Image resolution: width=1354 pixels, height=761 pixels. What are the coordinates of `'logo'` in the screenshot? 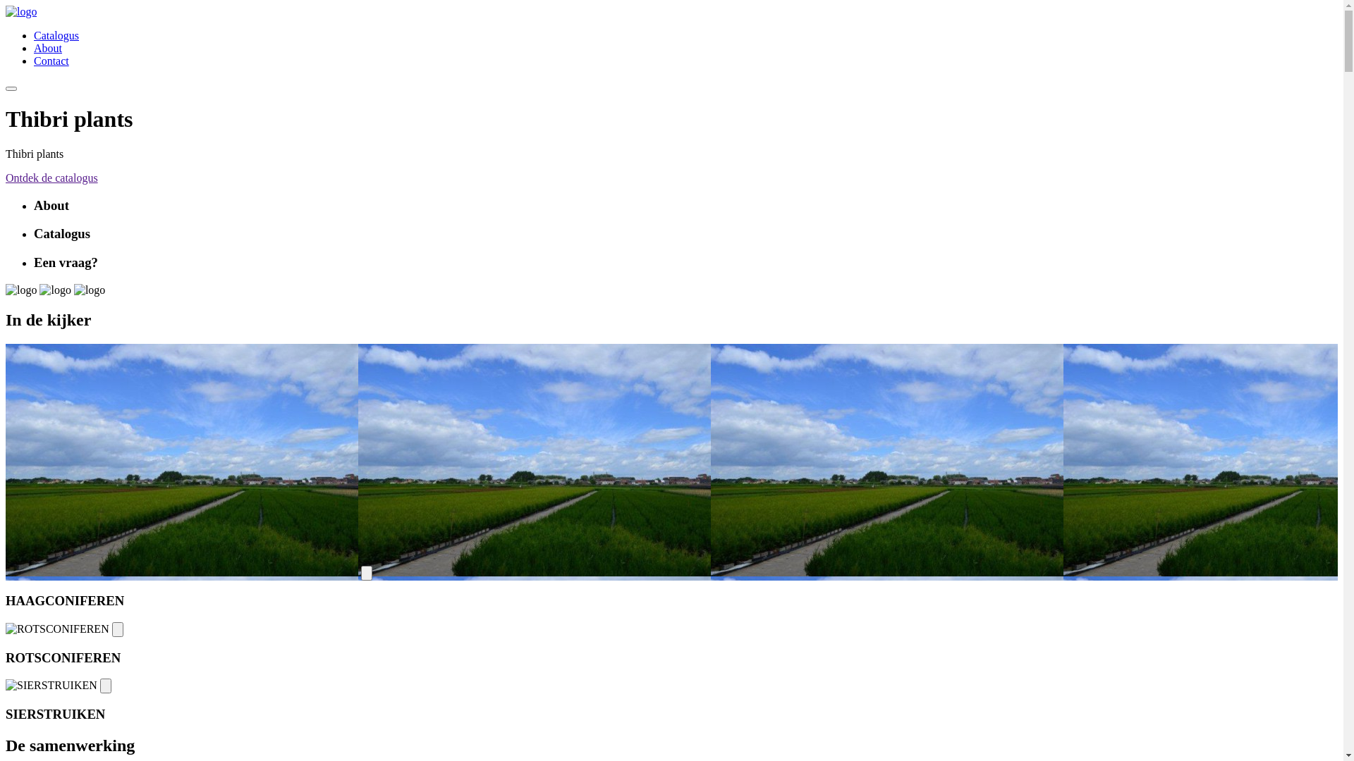 It's located at (39, 290).